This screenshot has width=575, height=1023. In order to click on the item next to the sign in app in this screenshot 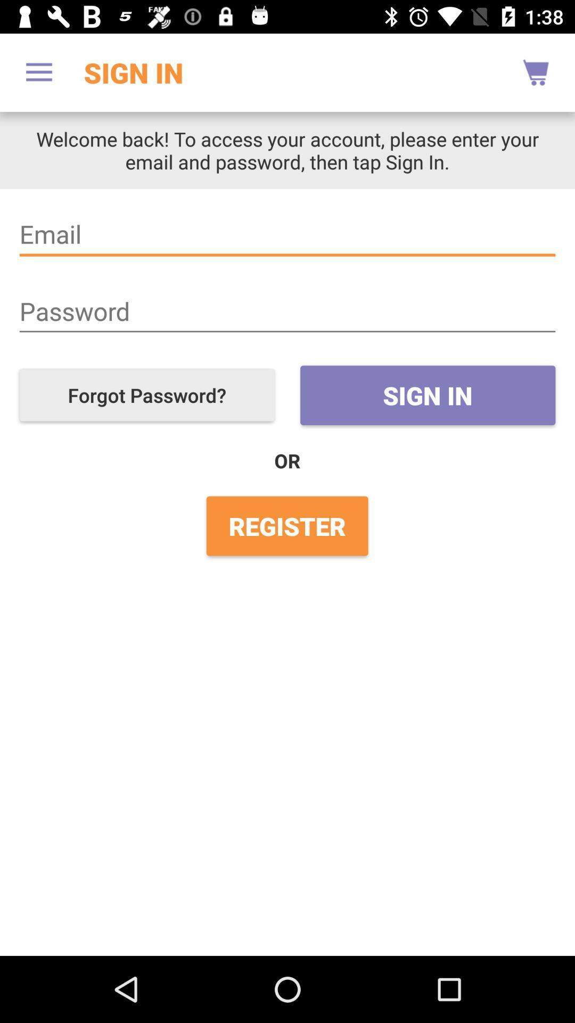, I will do `click(38, 72)`.